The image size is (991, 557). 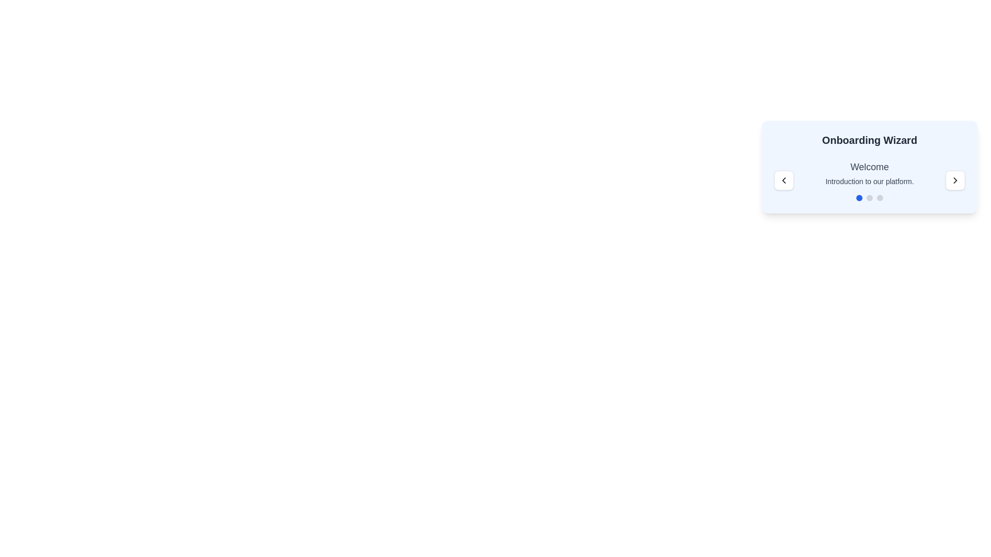 What do you see at coordinates (869, 140) in the screenshot?
I see `the onboarding wizard title header located at the top of the card-like component, which provides context for the current page or process` at bounding box center [869, 140].